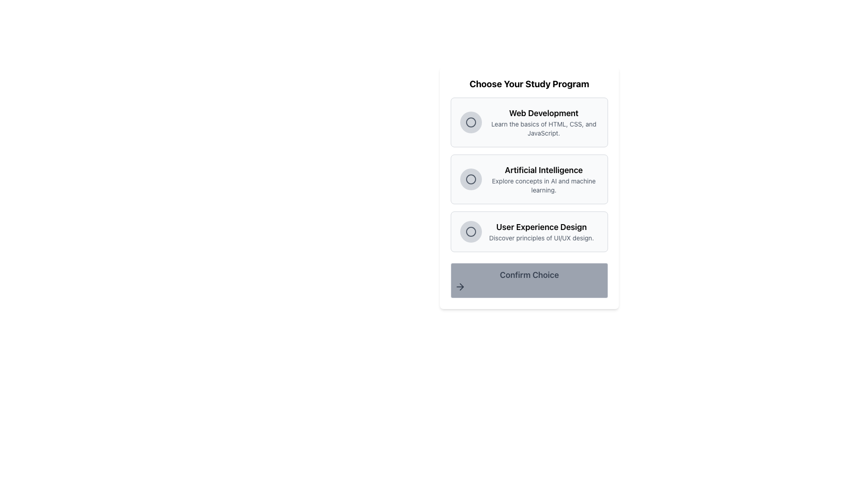  I want to click on text snippet labeled 'Discover principles of UI/UX design.' which is styled in a smaller, grayish font and located beneath the header 'User Experience Design.', so click(541, 238).